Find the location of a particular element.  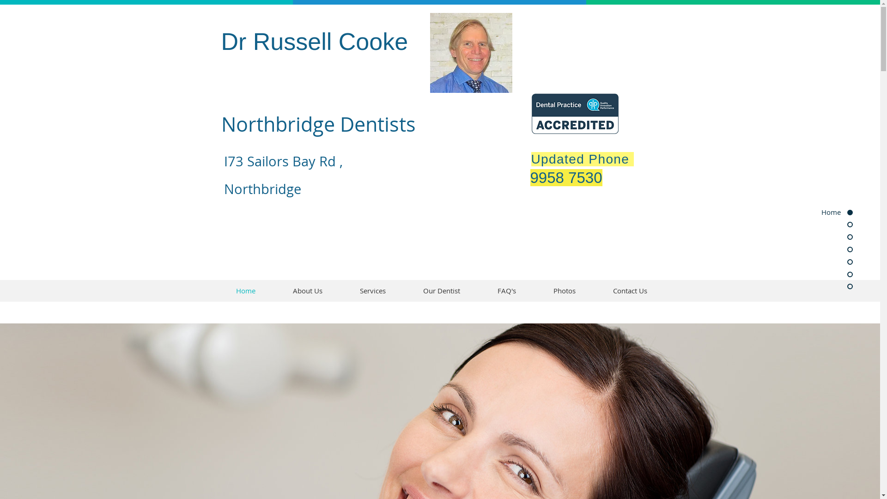

'Contact Us' is located at coordinates (629, 290).